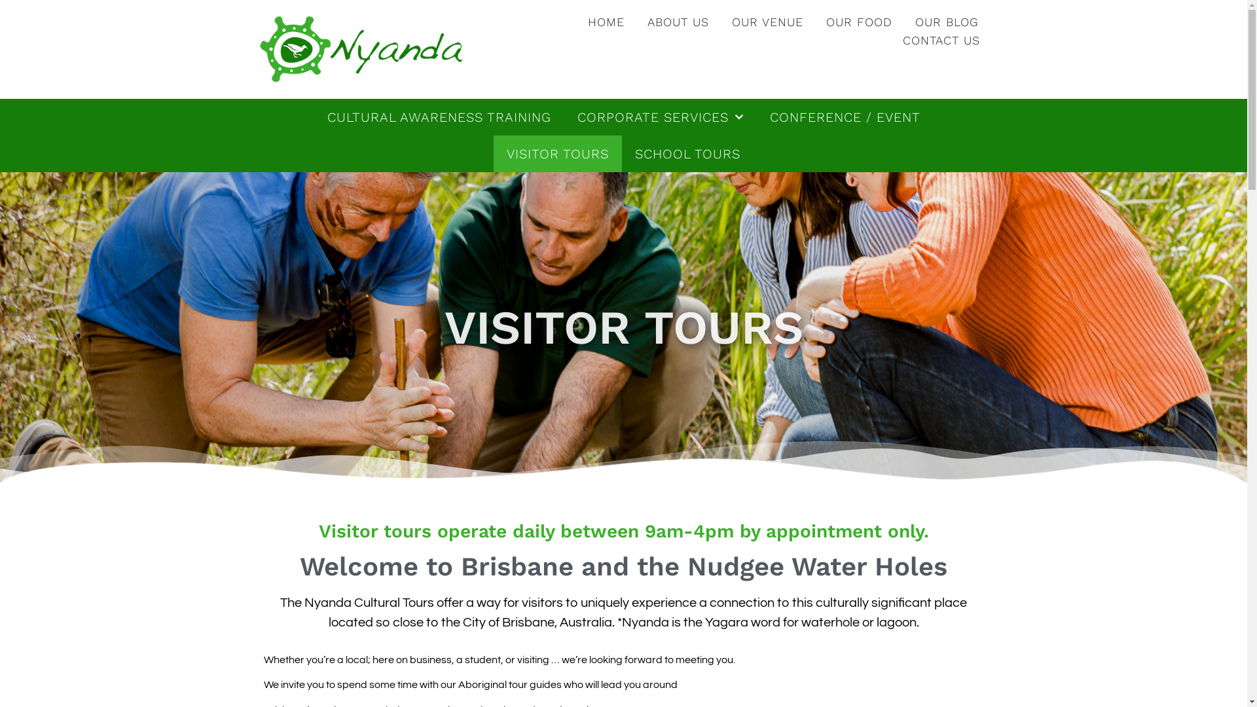 Image resolution: width=1257 pixels, height=707 pixels. What do you see at coordinates (859, 22) in the screenshot?
I see `'OUR FOOD'` at bounding box center [859, 22].